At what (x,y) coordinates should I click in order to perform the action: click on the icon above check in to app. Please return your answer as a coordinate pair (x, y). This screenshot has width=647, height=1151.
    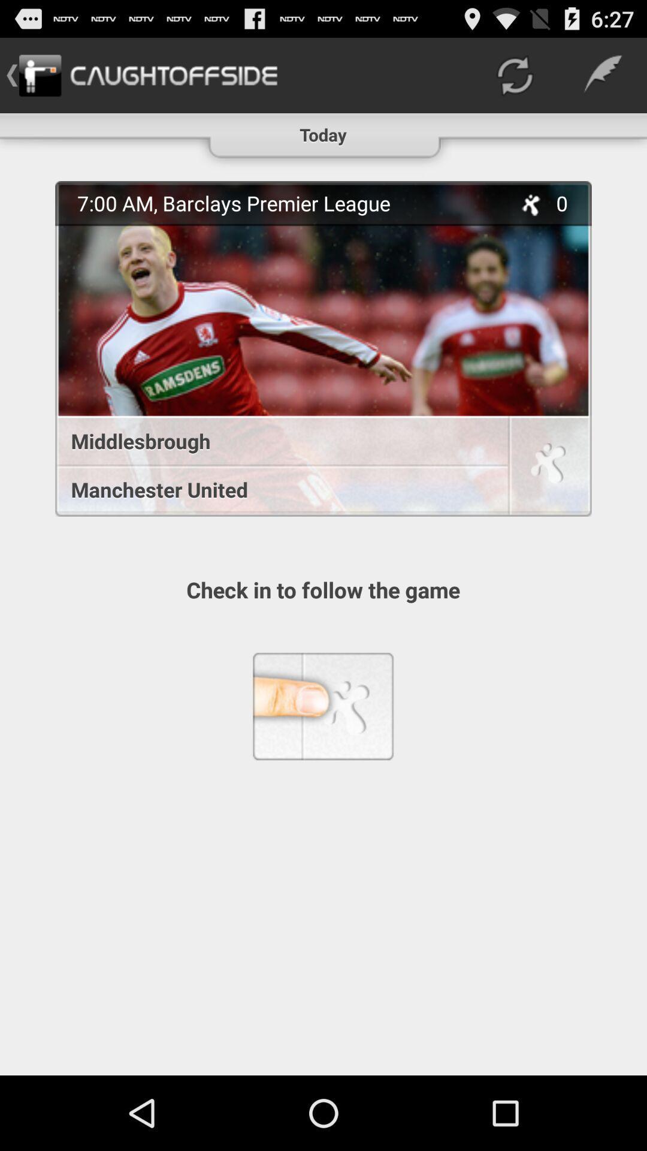
    Looking at the image, I should click on (275, 489).